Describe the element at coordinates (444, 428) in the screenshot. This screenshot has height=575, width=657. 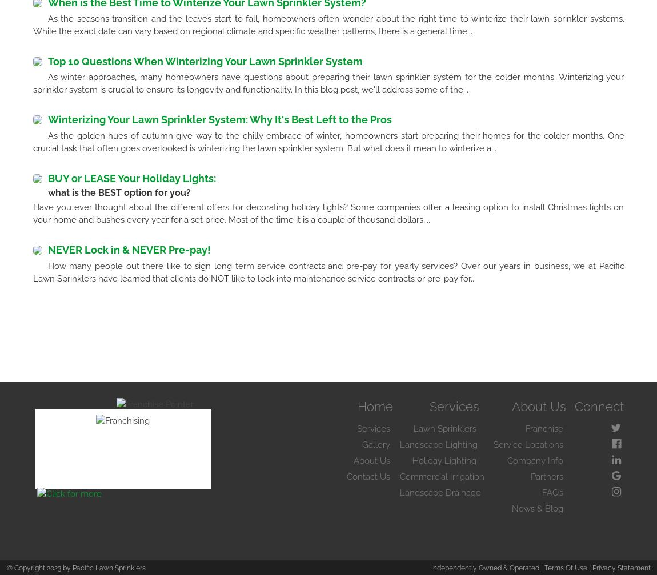
I see `'Lawn Sprinklers'` at that location.